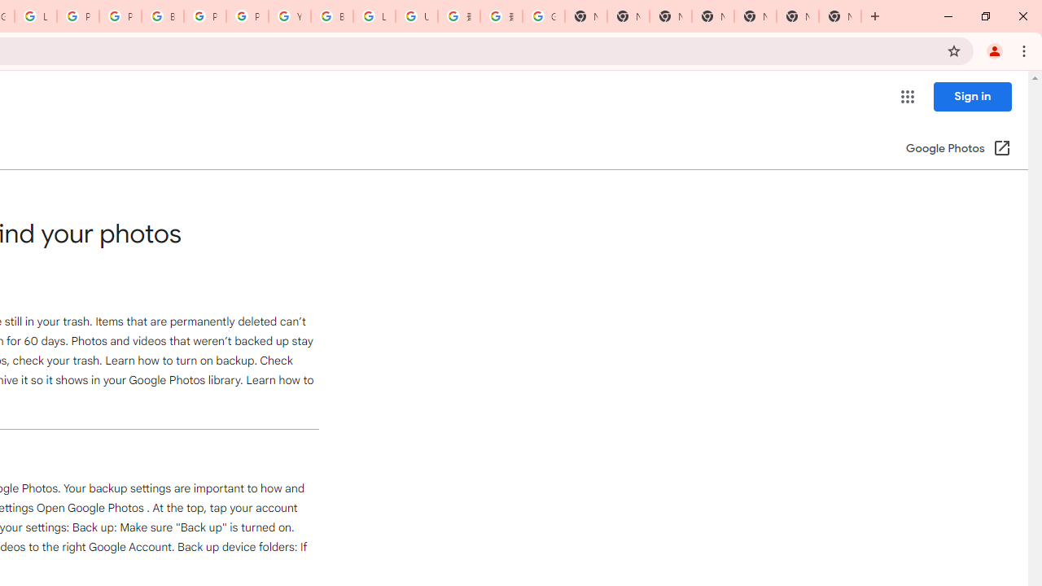  What do you see at coordinates (958, 149) in the screenshot?
I see `'Google Photos (Open in a new window)'` at bounding box center [958, 149].